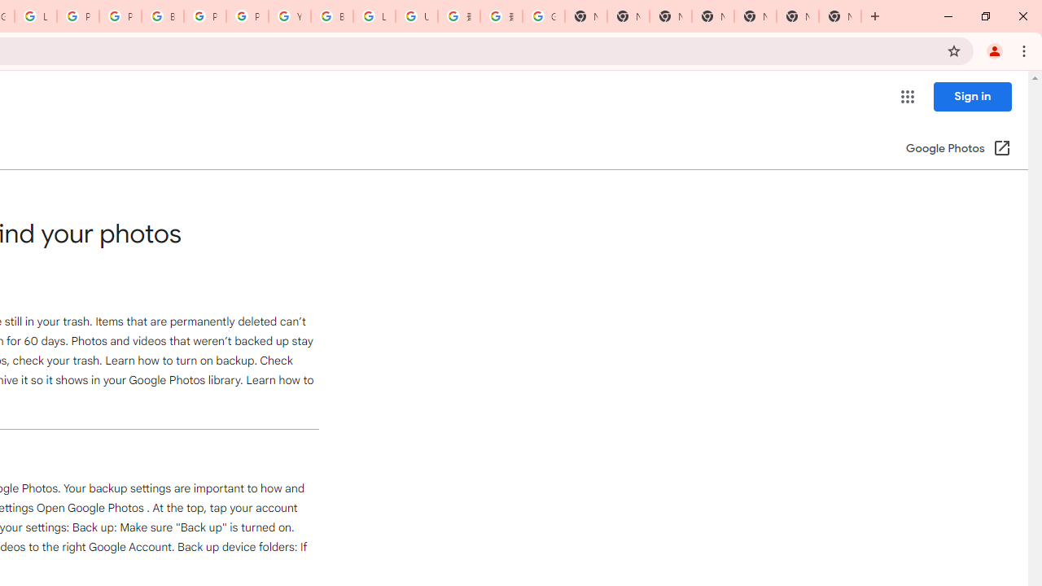  What do you see at coordinates (958, 149) in the screenshot?
I see `'Google Photos (Open in a new window)'` at bounding box center [958, 149].